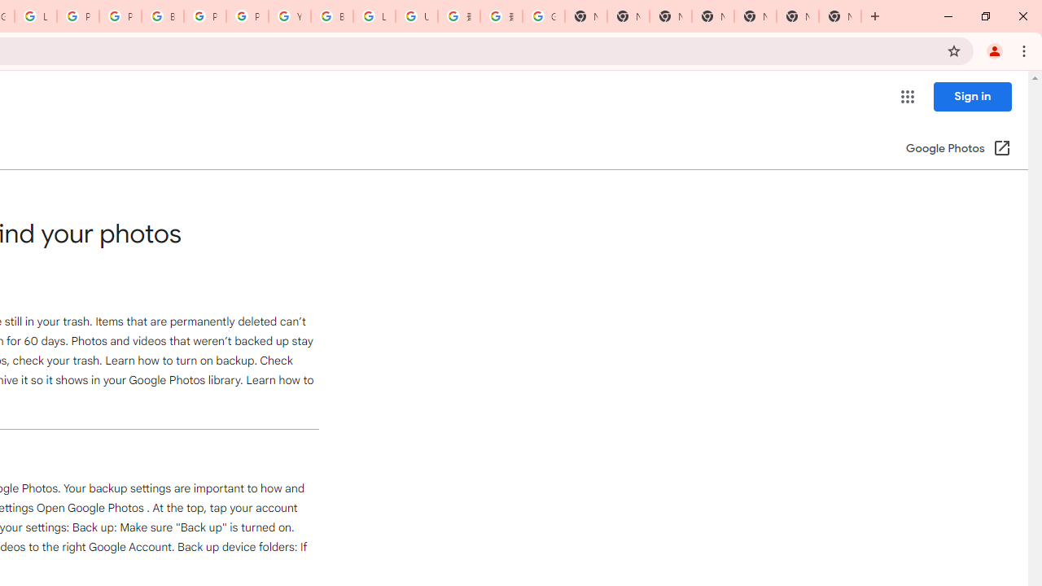  What do you see at coordinates (958, 149) in the screenshot?
I see `'Google Photos (Open in a new window)'` at bounding box center [958, 149].